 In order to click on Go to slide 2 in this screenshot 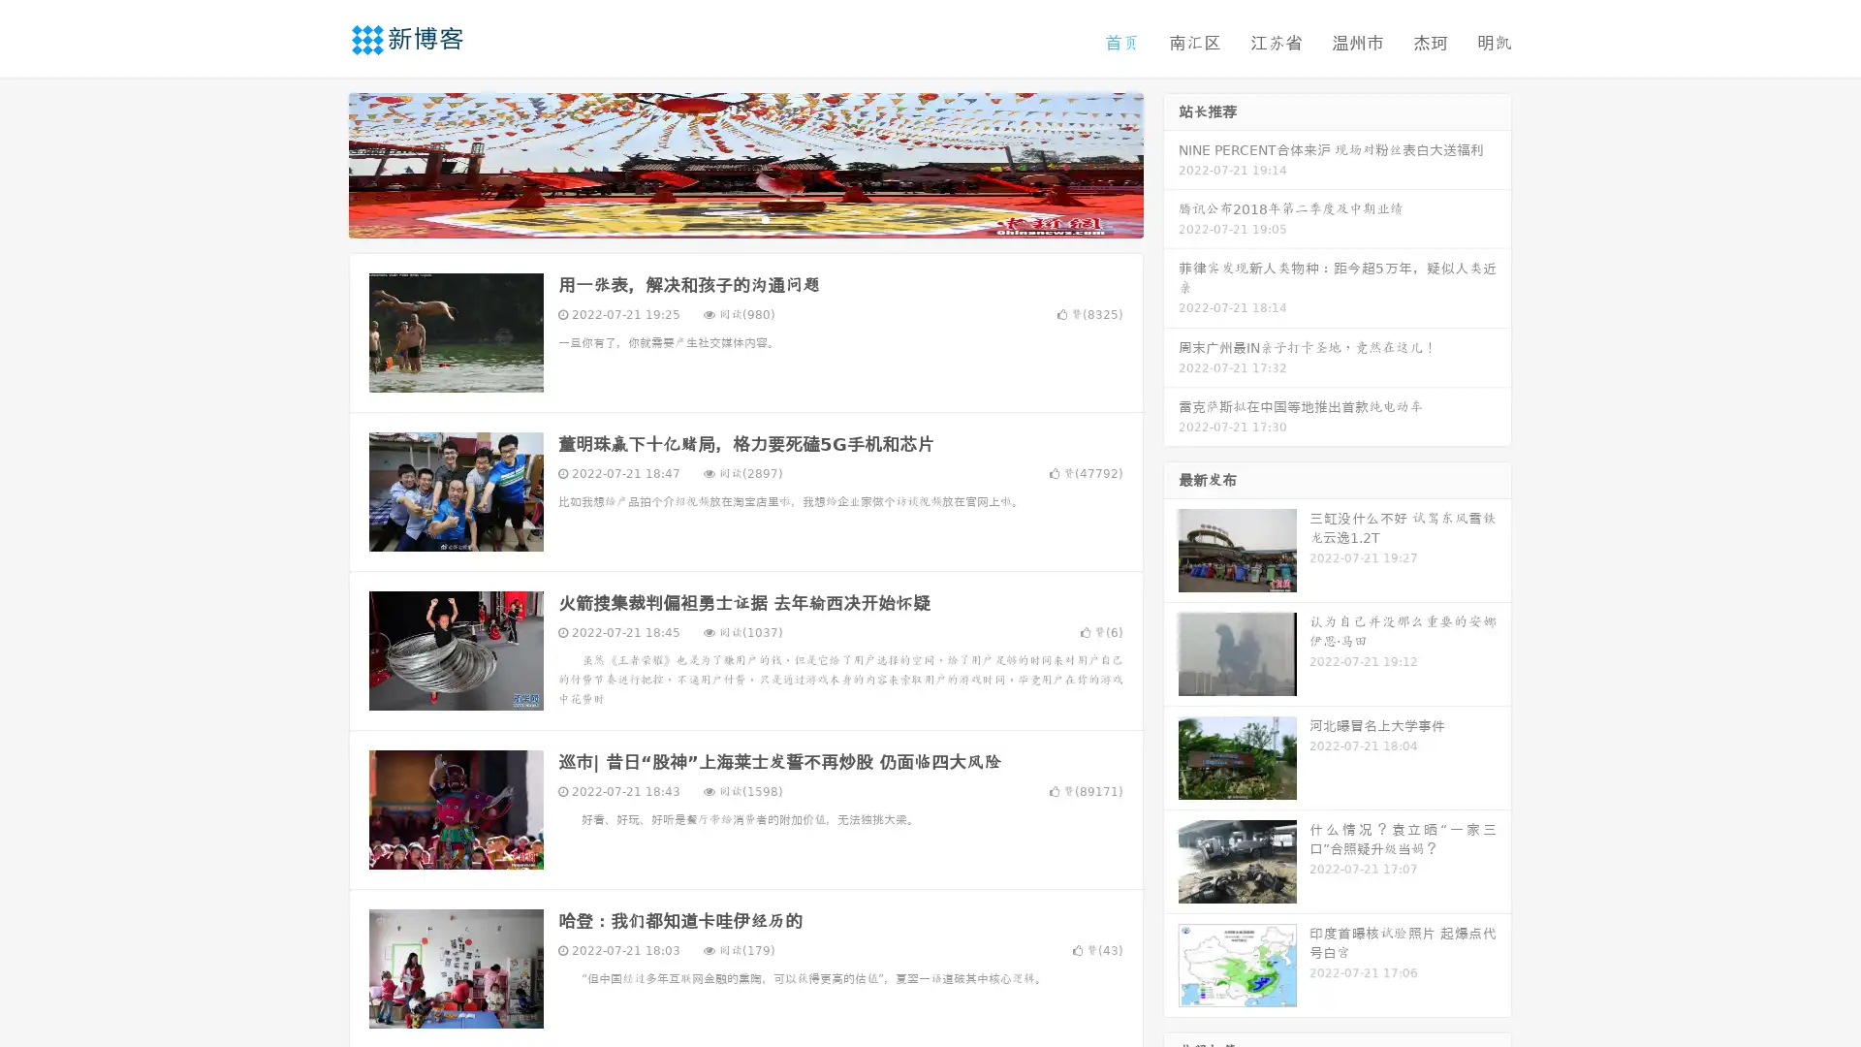, I will do `click(744, 218)`.